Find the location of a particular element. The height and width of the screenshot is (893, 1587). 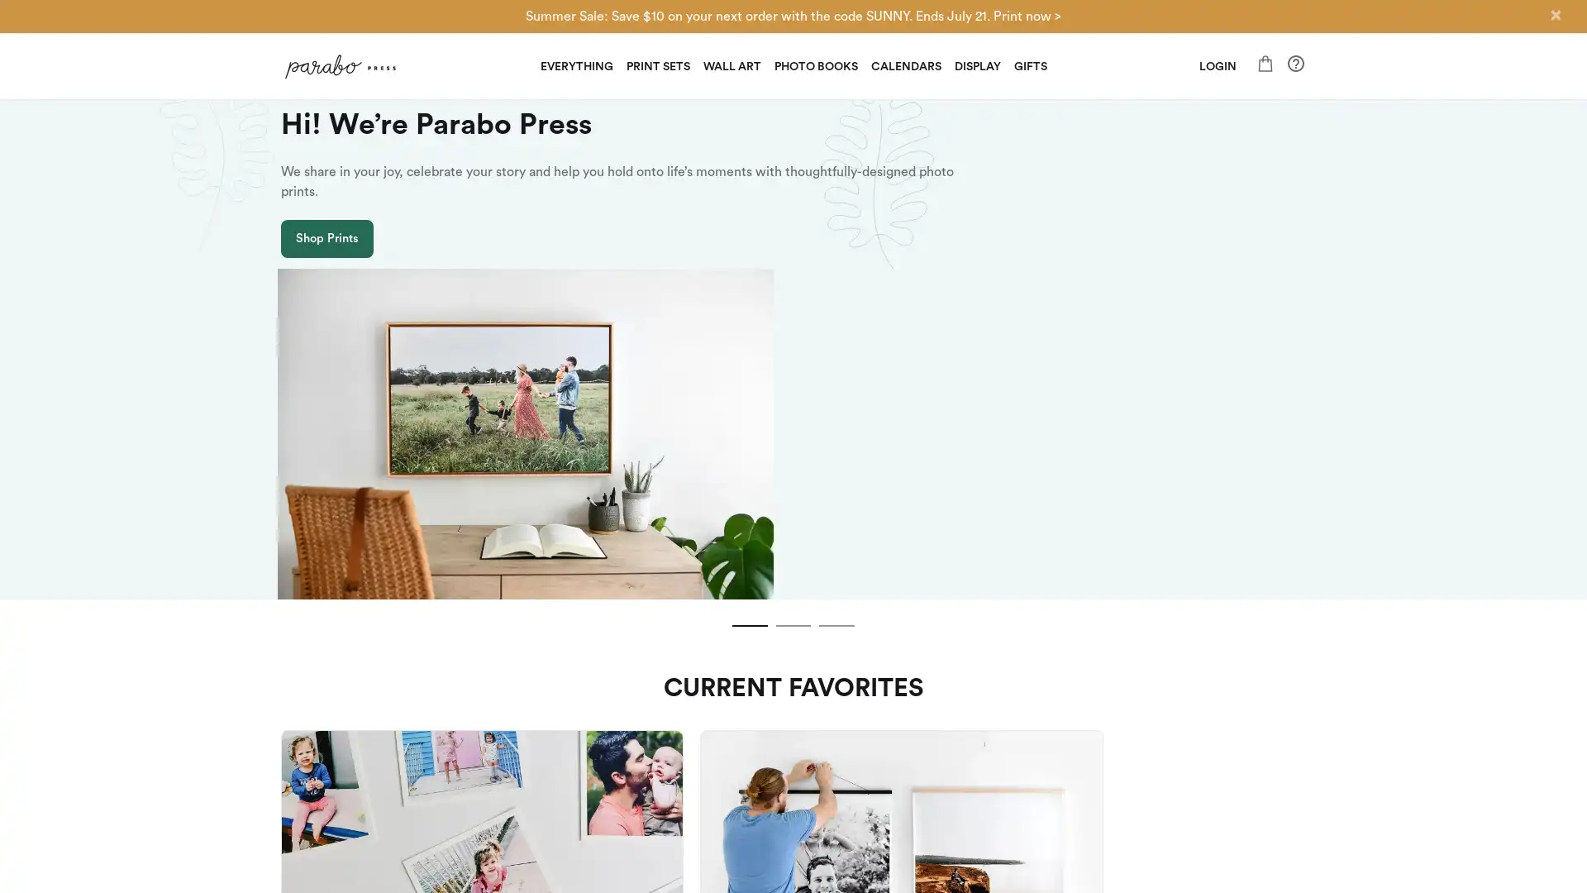

Close is located at coordinates (1554, 15).